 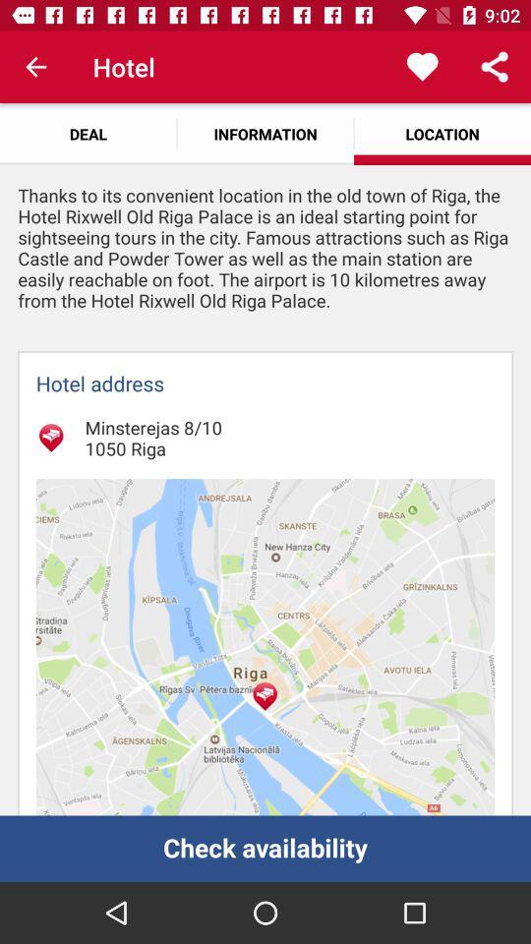 I want to click on item to the left of hotel item, so click(x=35, y=67).